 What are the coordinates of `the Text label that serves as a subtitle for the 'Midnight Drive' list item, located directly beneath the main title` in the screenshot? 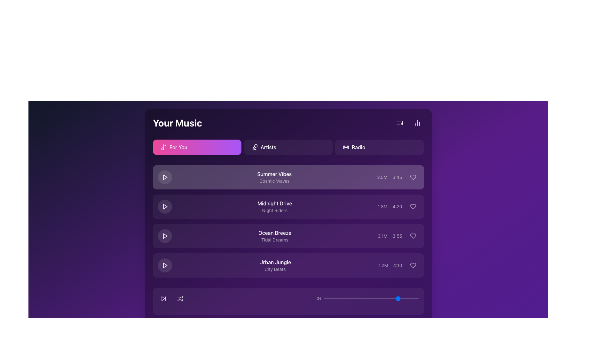 It's located at (275, 211).